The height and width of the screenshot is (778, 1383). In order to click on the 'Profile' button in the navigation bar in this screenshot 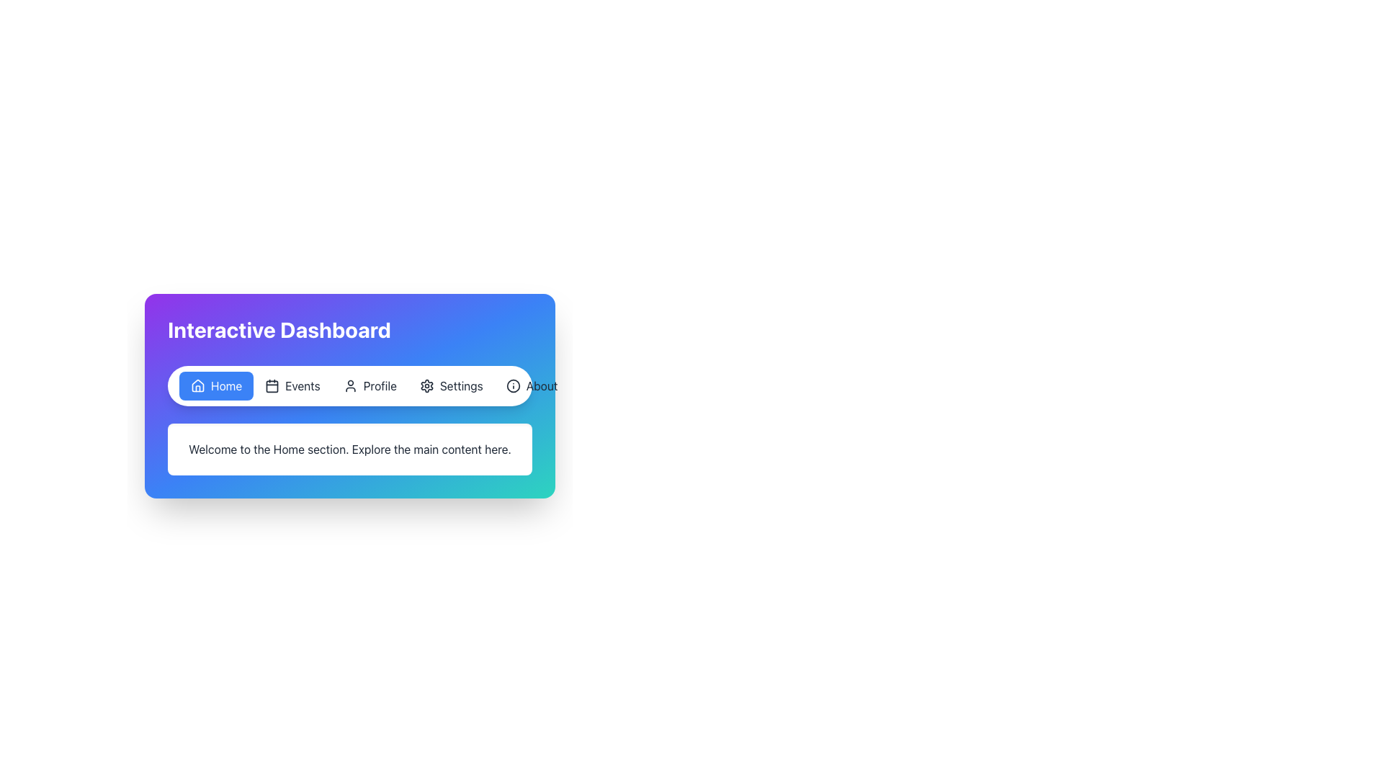, I will do `click(370, 385)`.